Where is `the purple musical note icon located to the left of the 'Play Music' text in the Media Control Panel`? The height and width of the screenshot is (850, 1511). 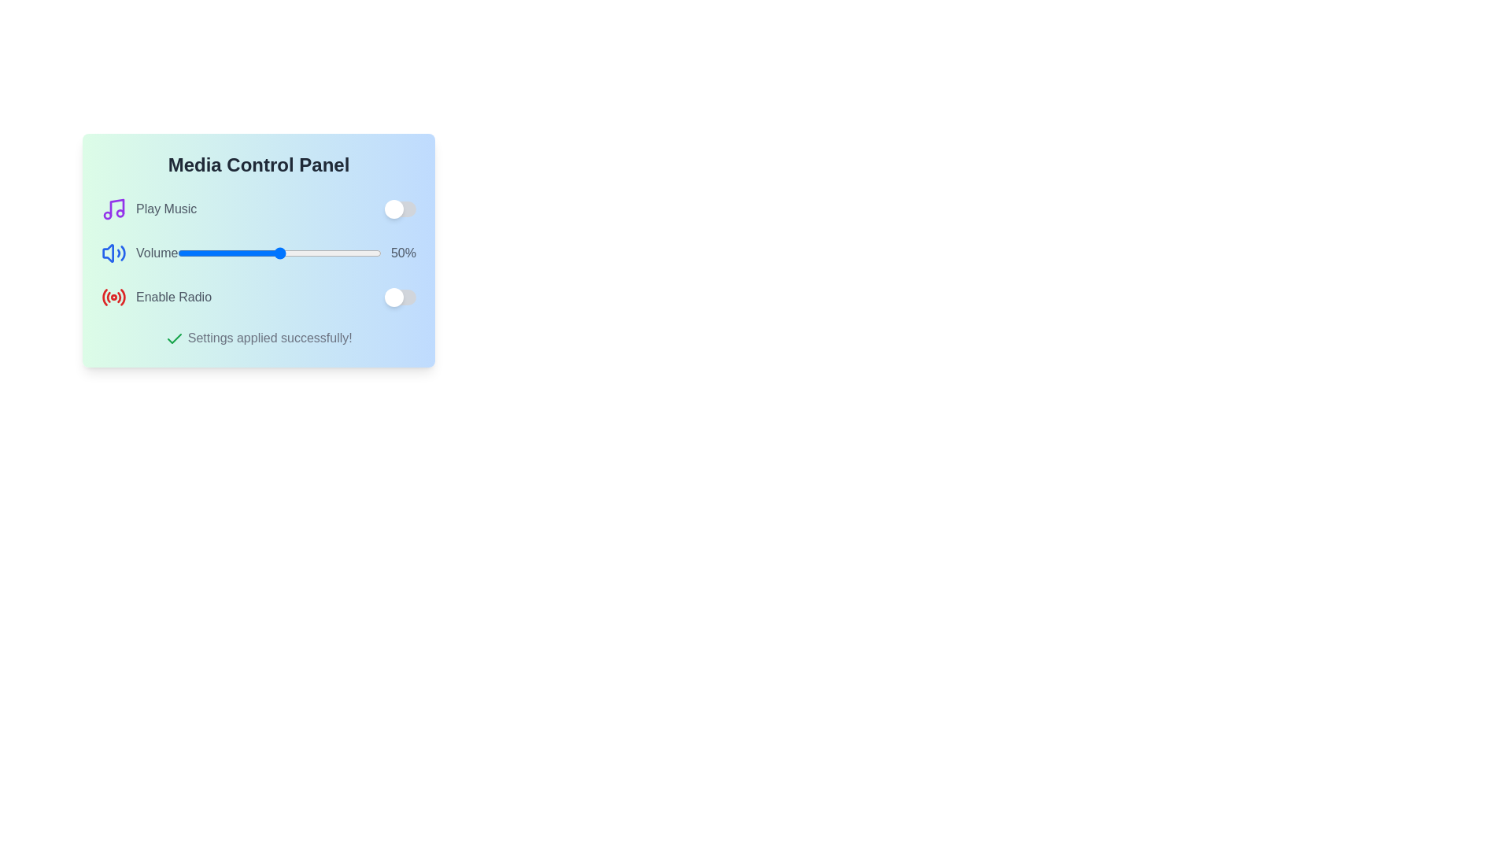 the purple musical note icon located to the left of the 'Play Music' text in the Media Control Panel is located at coordinates (116, 206).